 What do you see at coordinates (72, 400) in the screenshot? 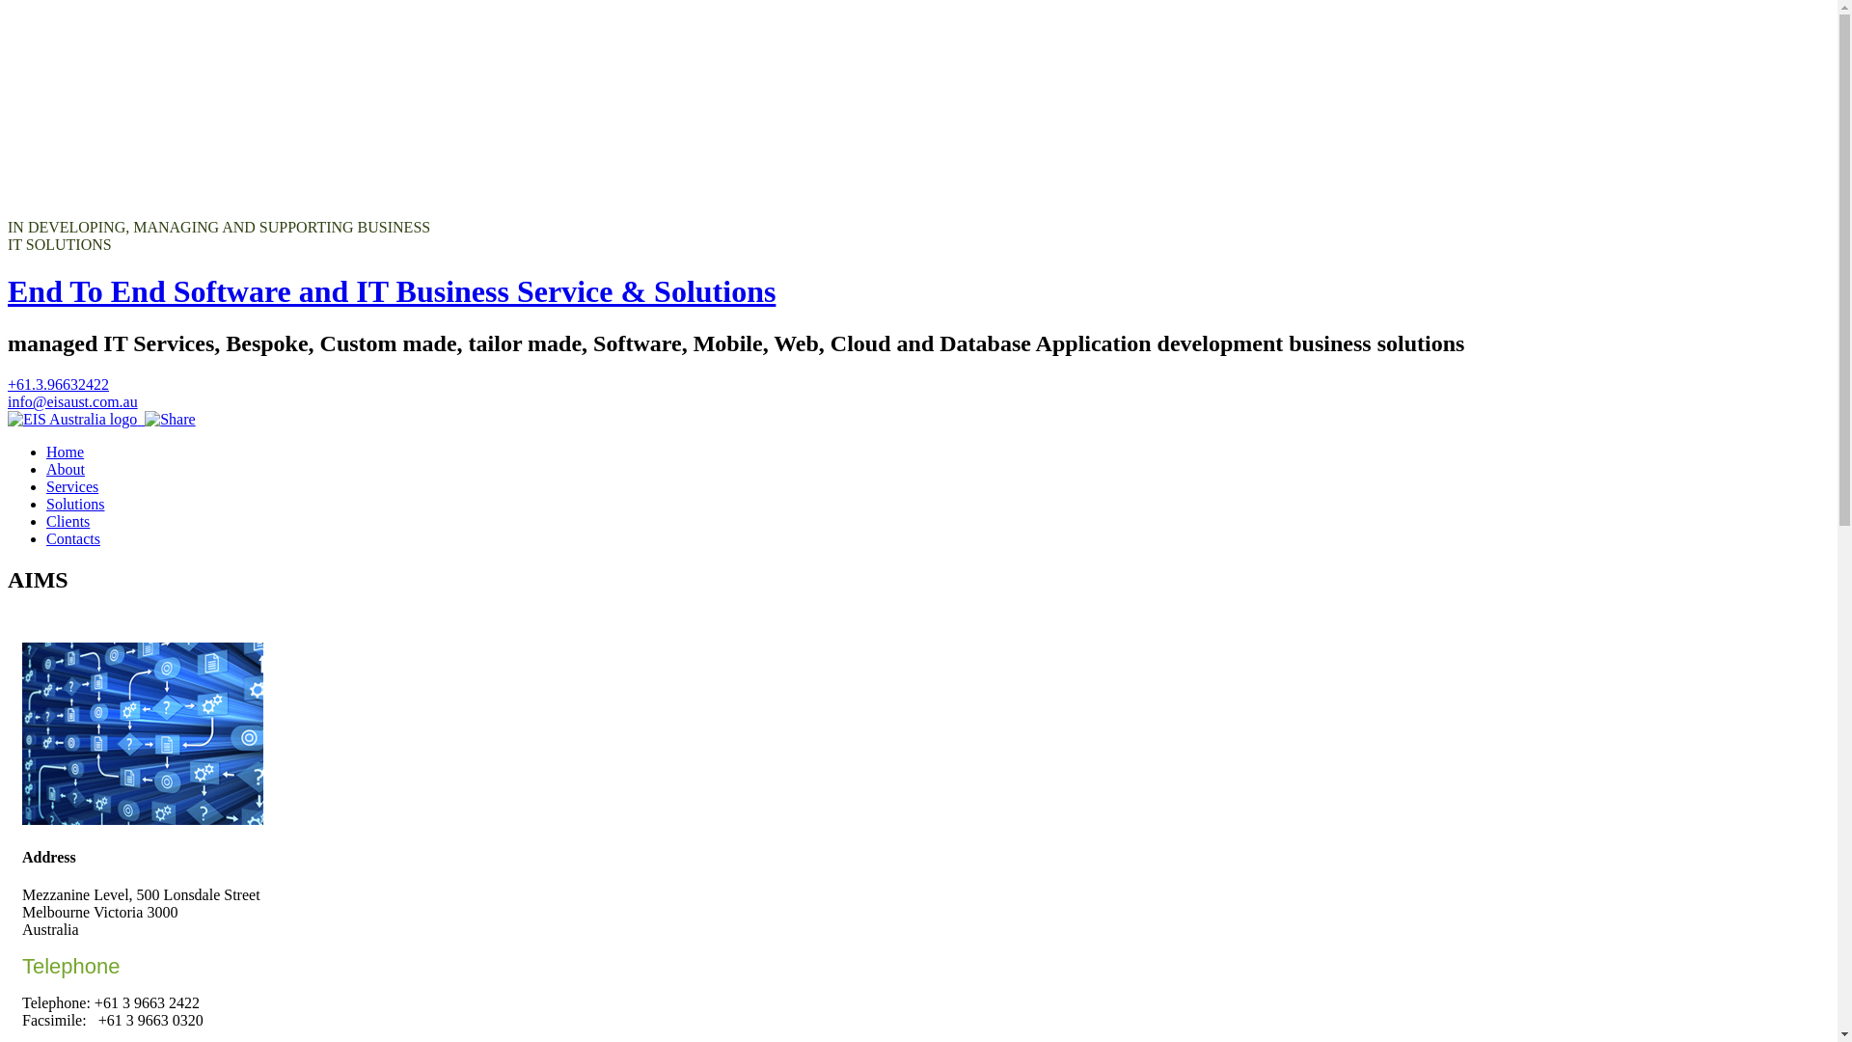
I see `'info@eisaust.com.au'` at bounding box center [72, 400].